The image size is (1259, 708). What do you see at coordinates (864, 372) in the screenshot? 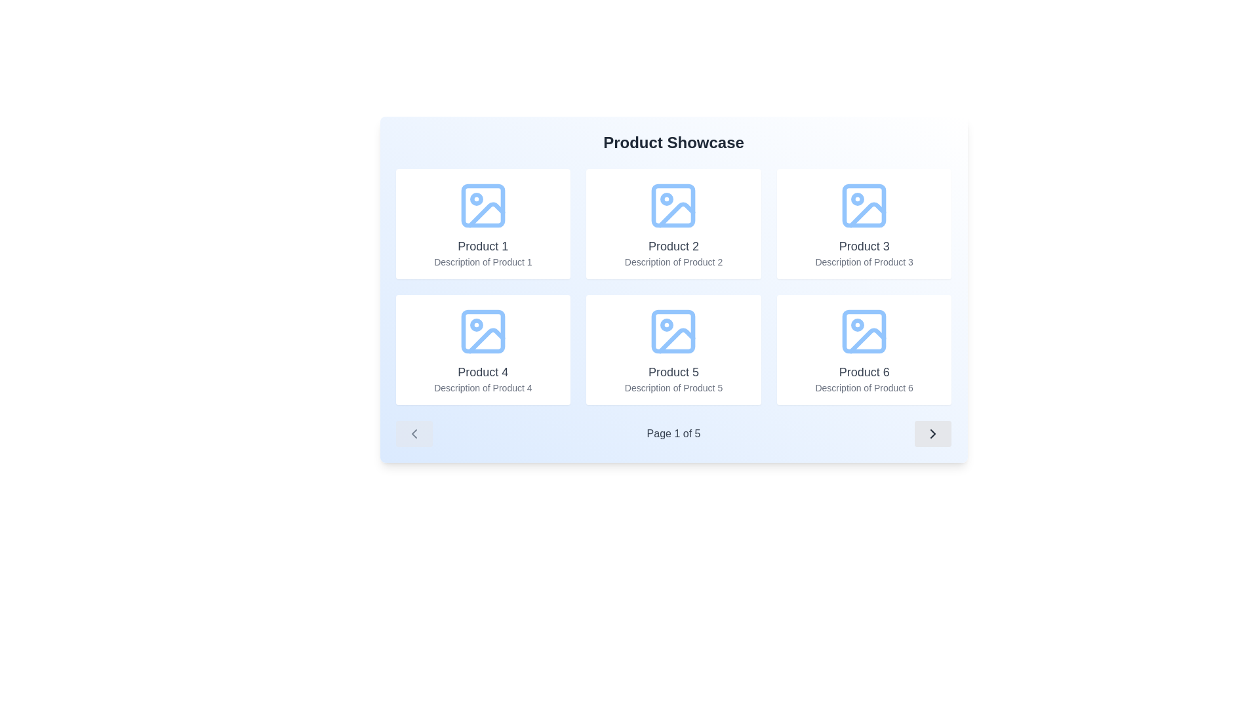
I see `text content of the title element displaying 'Product 6', which is styled in a medium font and located at the bottom of its card layout` at bounding box center [864, 372].